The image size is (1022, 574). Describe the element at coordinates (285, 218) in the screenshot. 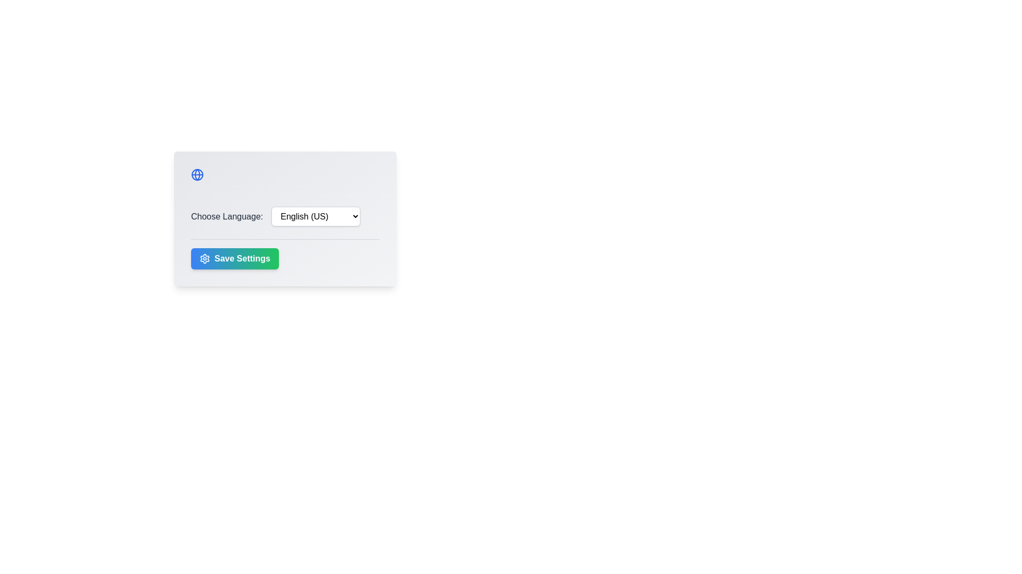

I see `the dropdown menu labeled 'English (US)' which is styled with a white background and is positioned below the label 'Choose Language:' and above the green 'Save Settings' button` at that location.